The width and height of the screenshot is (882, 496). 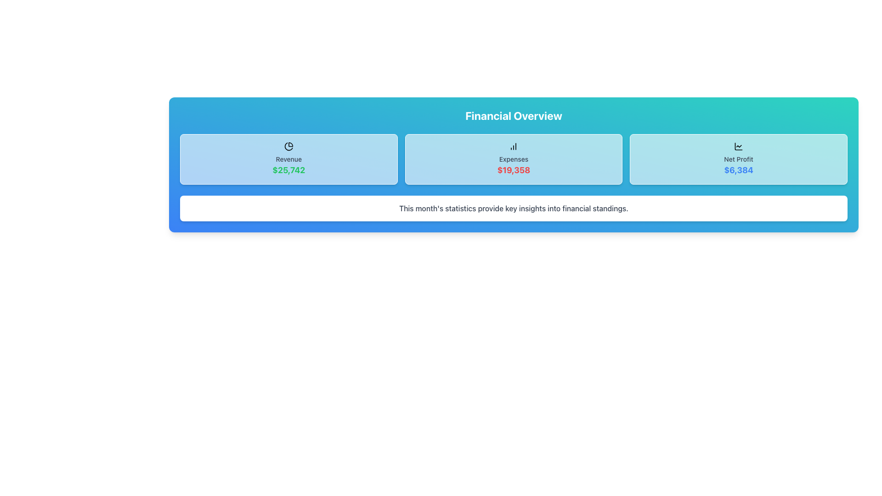 I want to click on the Text label located at the top-middle of the blue background card that provides context for the associated monetary value '$19,358', so click(x=513, y=159).